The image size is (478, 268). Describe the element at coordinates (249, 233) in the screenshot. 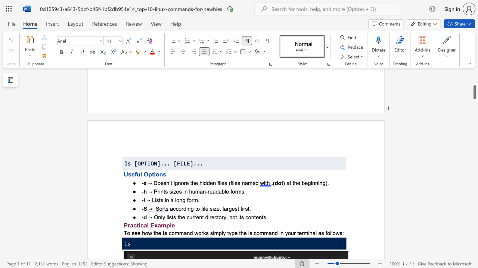

I see `the subset text "s command in y" within the text "command works simply type the ls command in your terminal as follows:"` at that location.